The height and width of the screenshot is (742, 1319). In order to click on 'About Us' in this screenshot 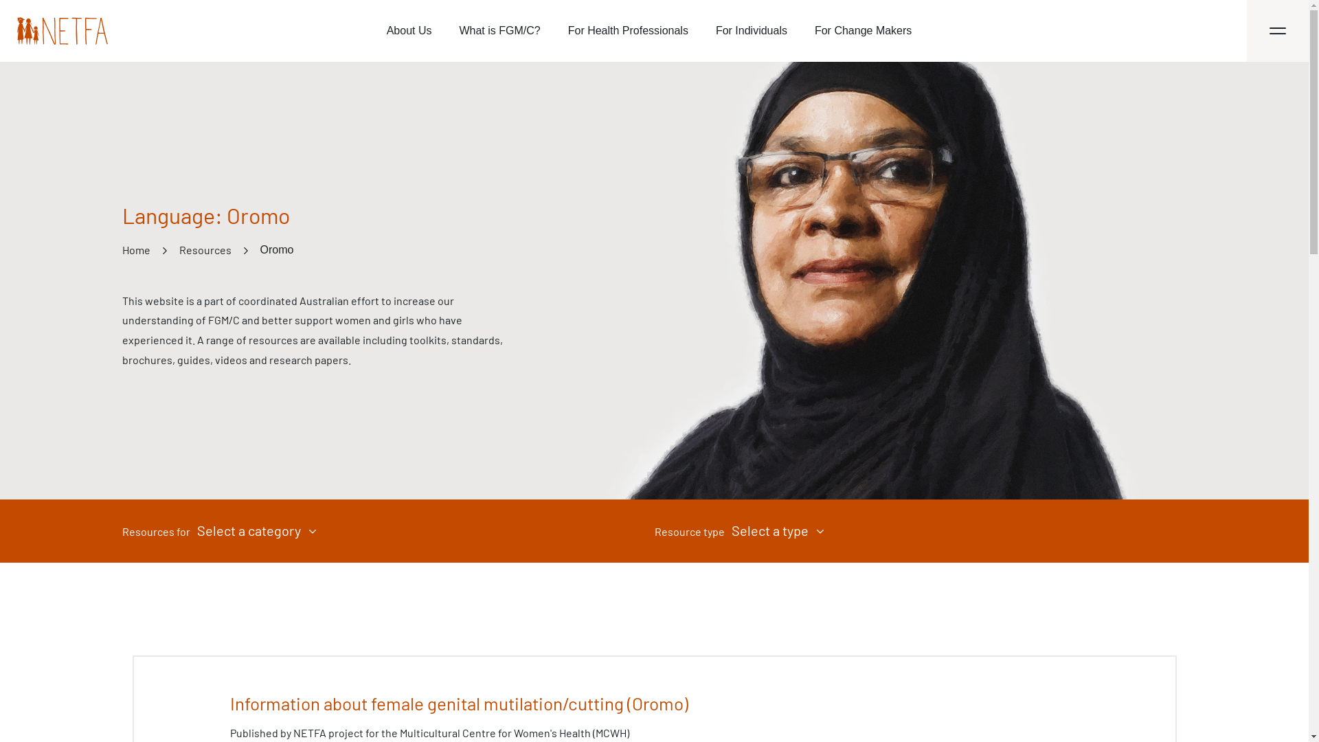, I will do `click(408, 31)`.